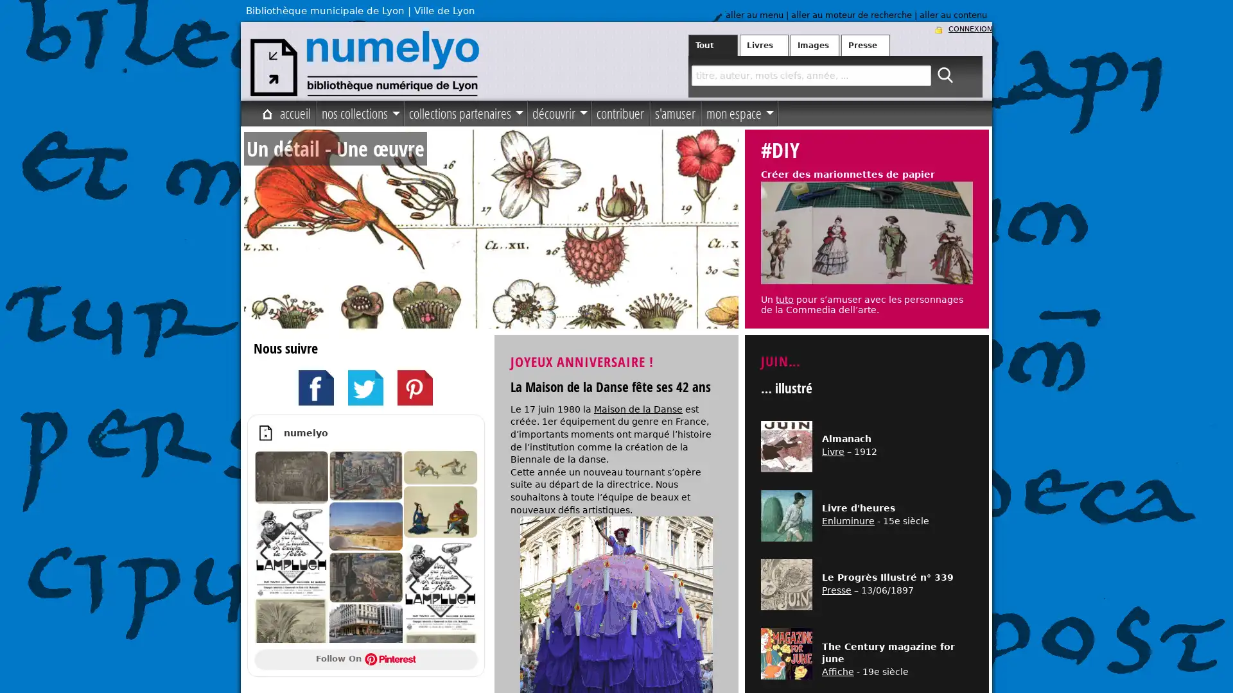 This screenshot has height=693, width=1233. I want to click on ok, so click(945, 74).